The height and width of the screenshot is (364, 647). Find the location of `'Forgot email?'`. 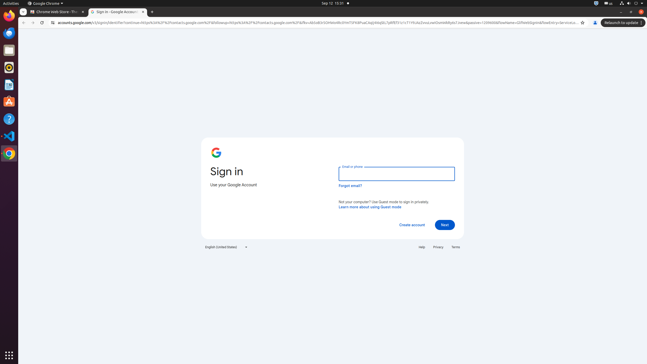

'Forgot email?' is located at coordinates (350, 186).